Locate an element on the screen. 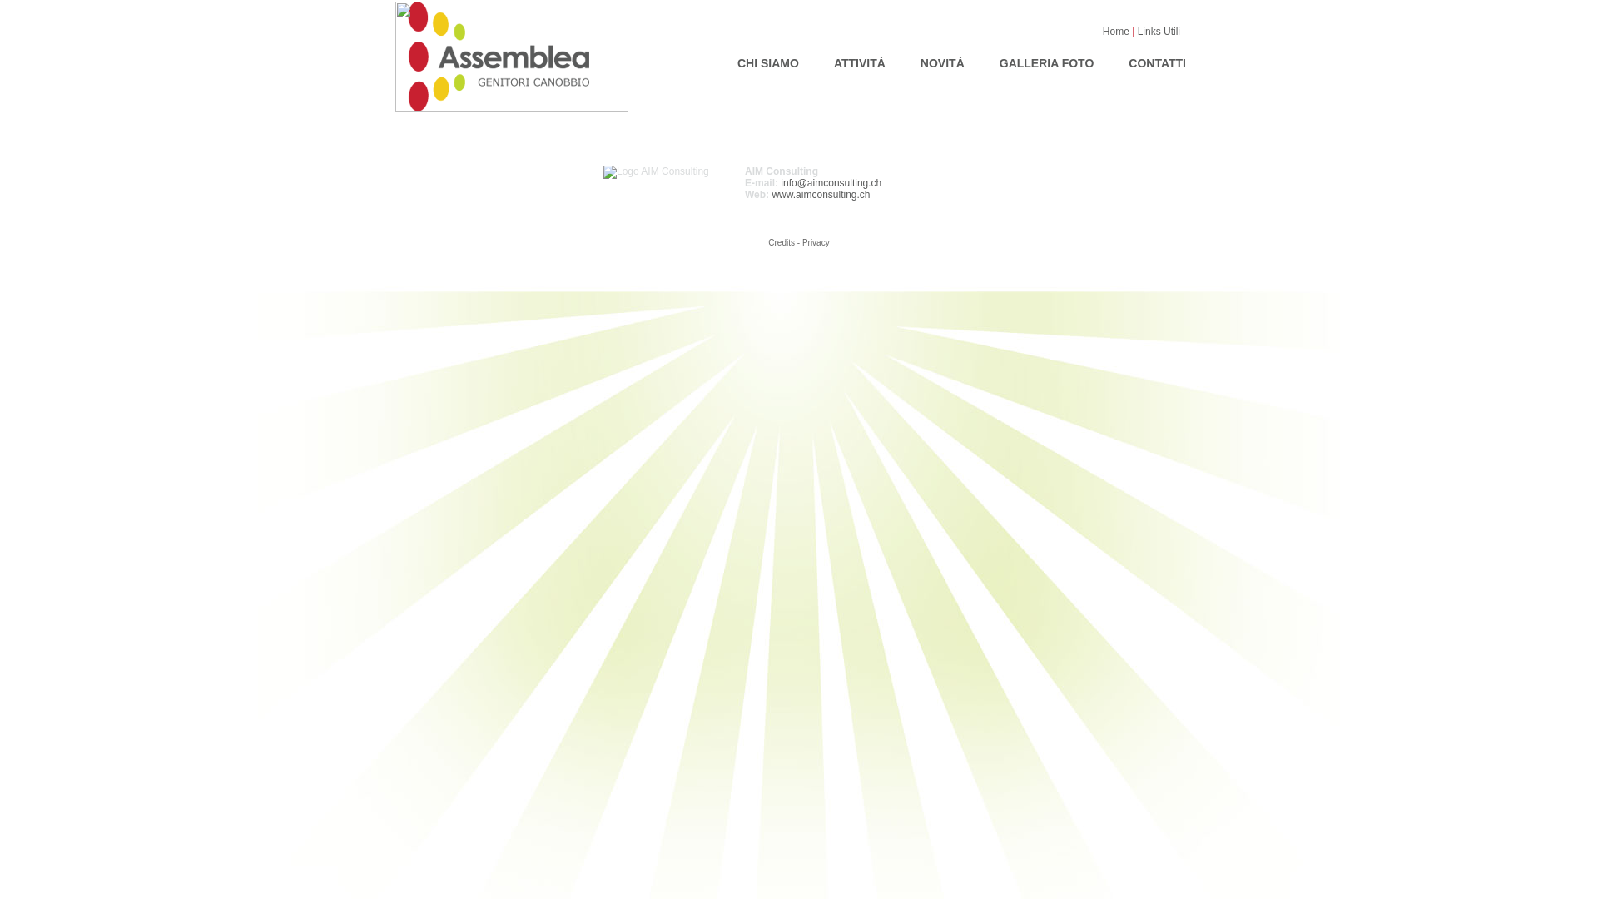 This screenshot has height=899, width=1598. 'Privacy' is located at coordinates (816, 242).